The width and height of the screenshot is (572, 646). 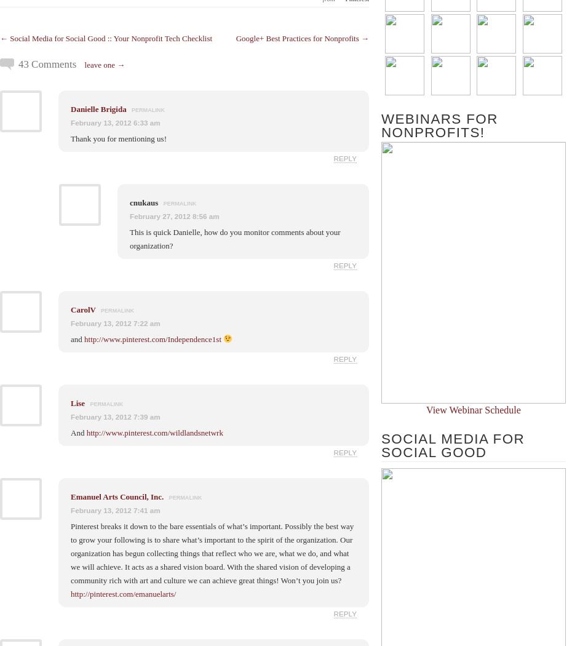 I want to click on 'This is quick Danielle, how do you monitor comments about your organization?', so click(x=234, y=238).